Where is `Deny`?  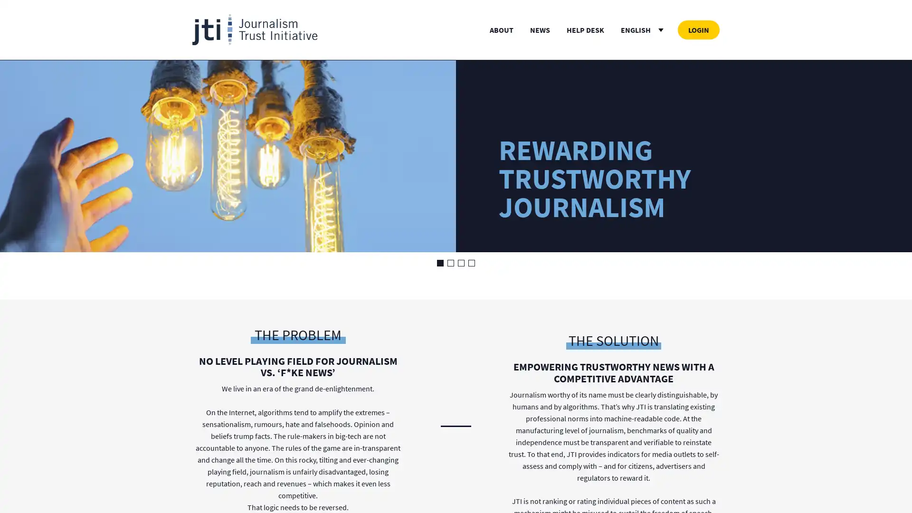 Deny is located at coordinates (455, 311).